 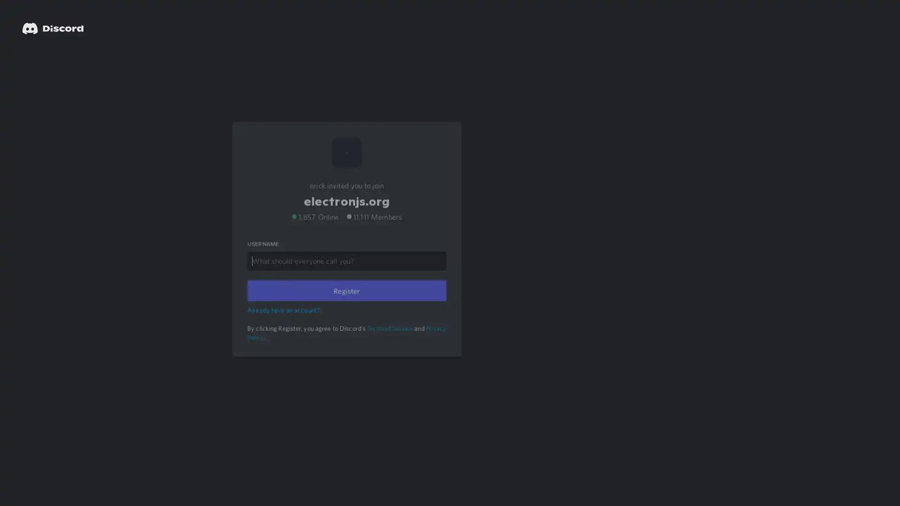 I want to click on Already have an account?, so click(x=285, y=321).